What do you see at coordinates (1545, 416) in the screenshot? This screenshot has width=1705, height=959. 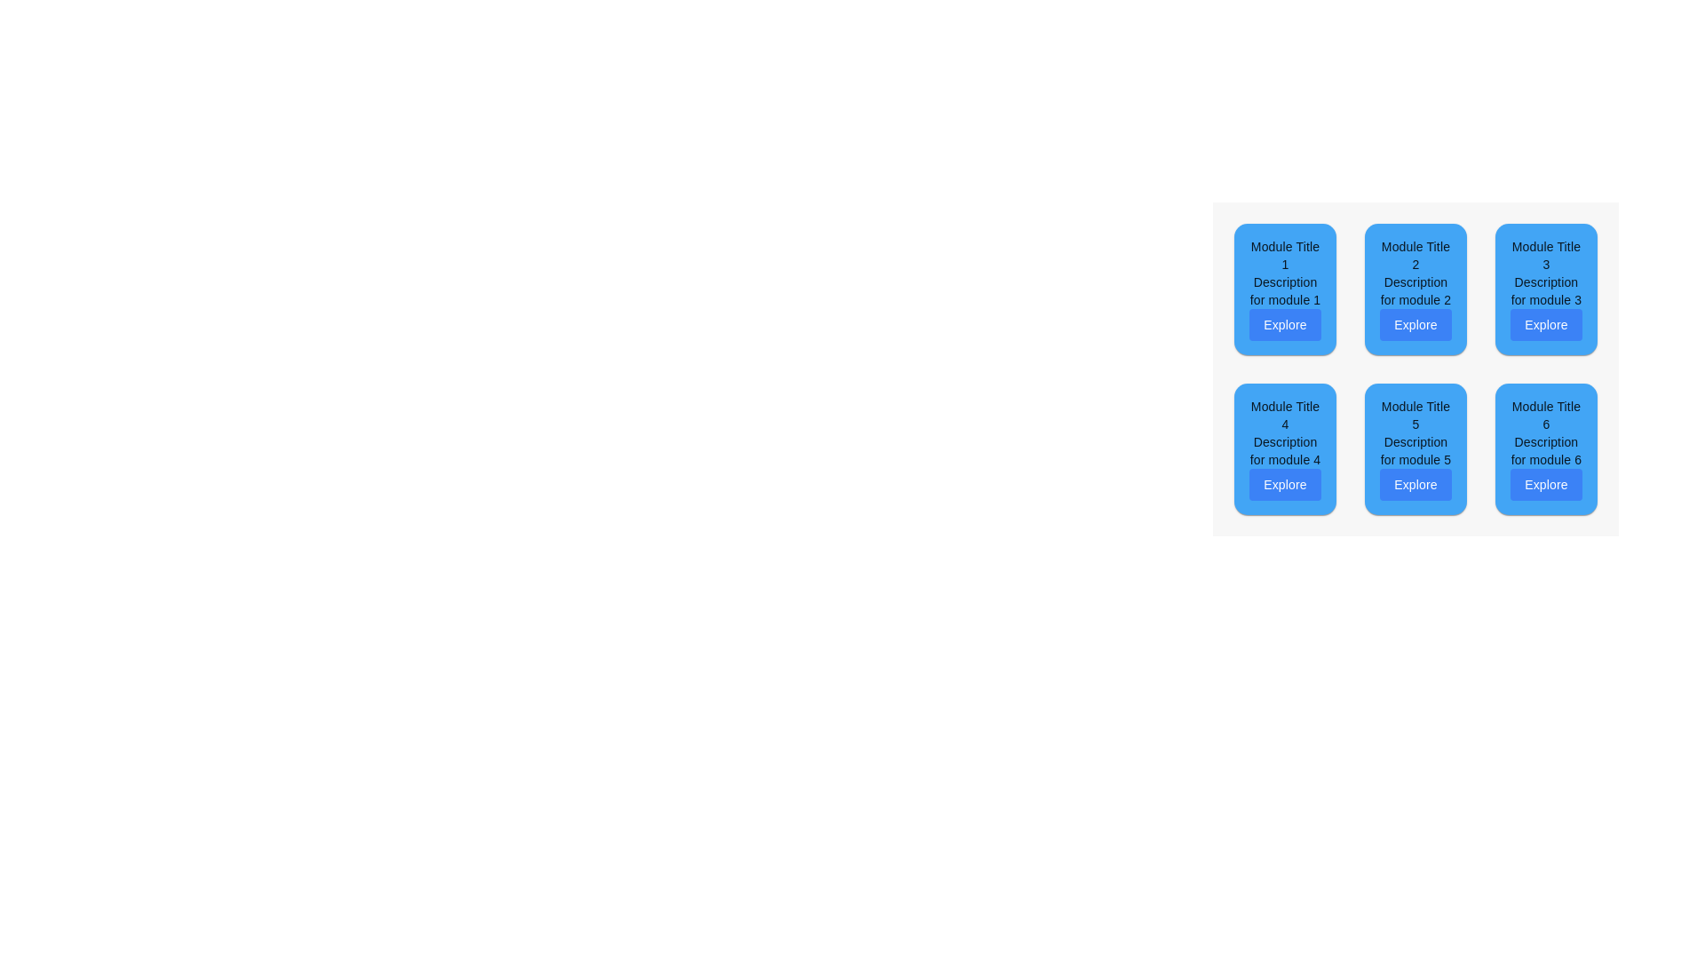 I see `the text element displaying 'Module Title 6', which is positioned at the top of a card-like structure against a blue background` at bounding box center [1545, 416].